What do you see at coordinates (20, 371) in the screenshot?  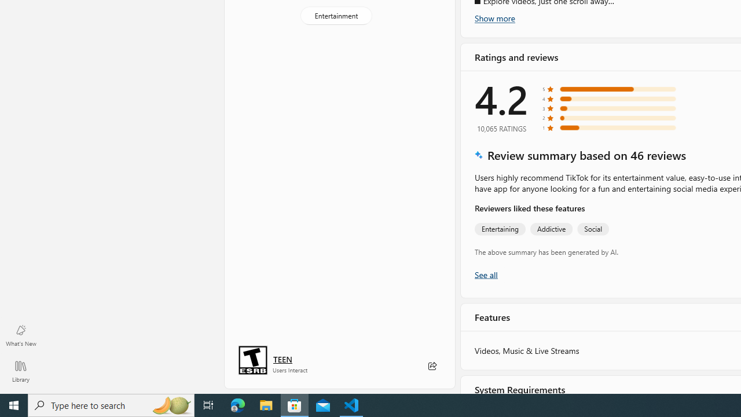 I see `'Library'` at bounding box center [20, 371].